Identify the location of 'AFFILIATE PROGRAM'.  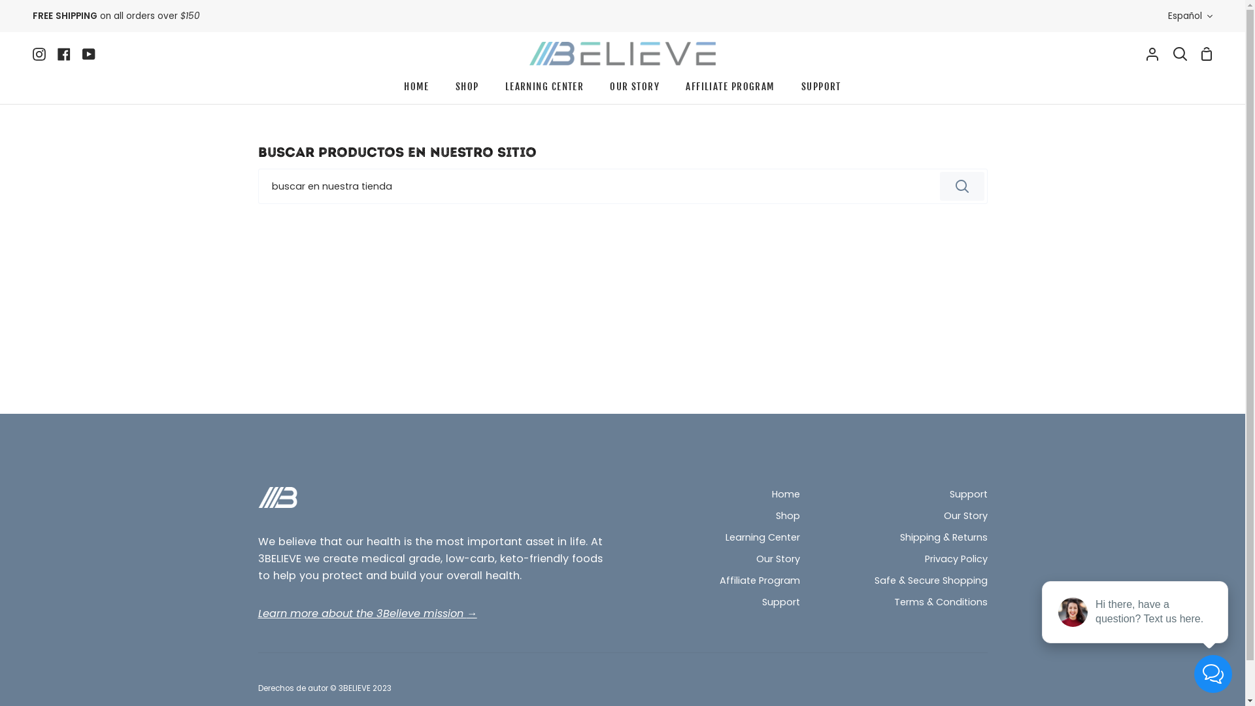
(729, 89).